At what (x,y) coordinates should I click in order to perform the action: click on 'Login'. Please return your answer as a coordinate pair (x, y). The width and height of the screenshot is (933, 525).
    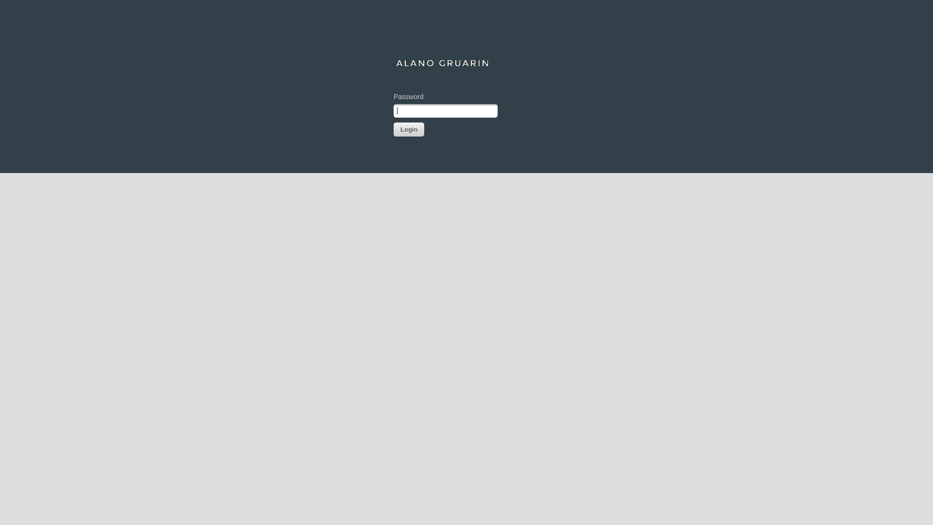
    Looking at the image, I should click on (409, 129).